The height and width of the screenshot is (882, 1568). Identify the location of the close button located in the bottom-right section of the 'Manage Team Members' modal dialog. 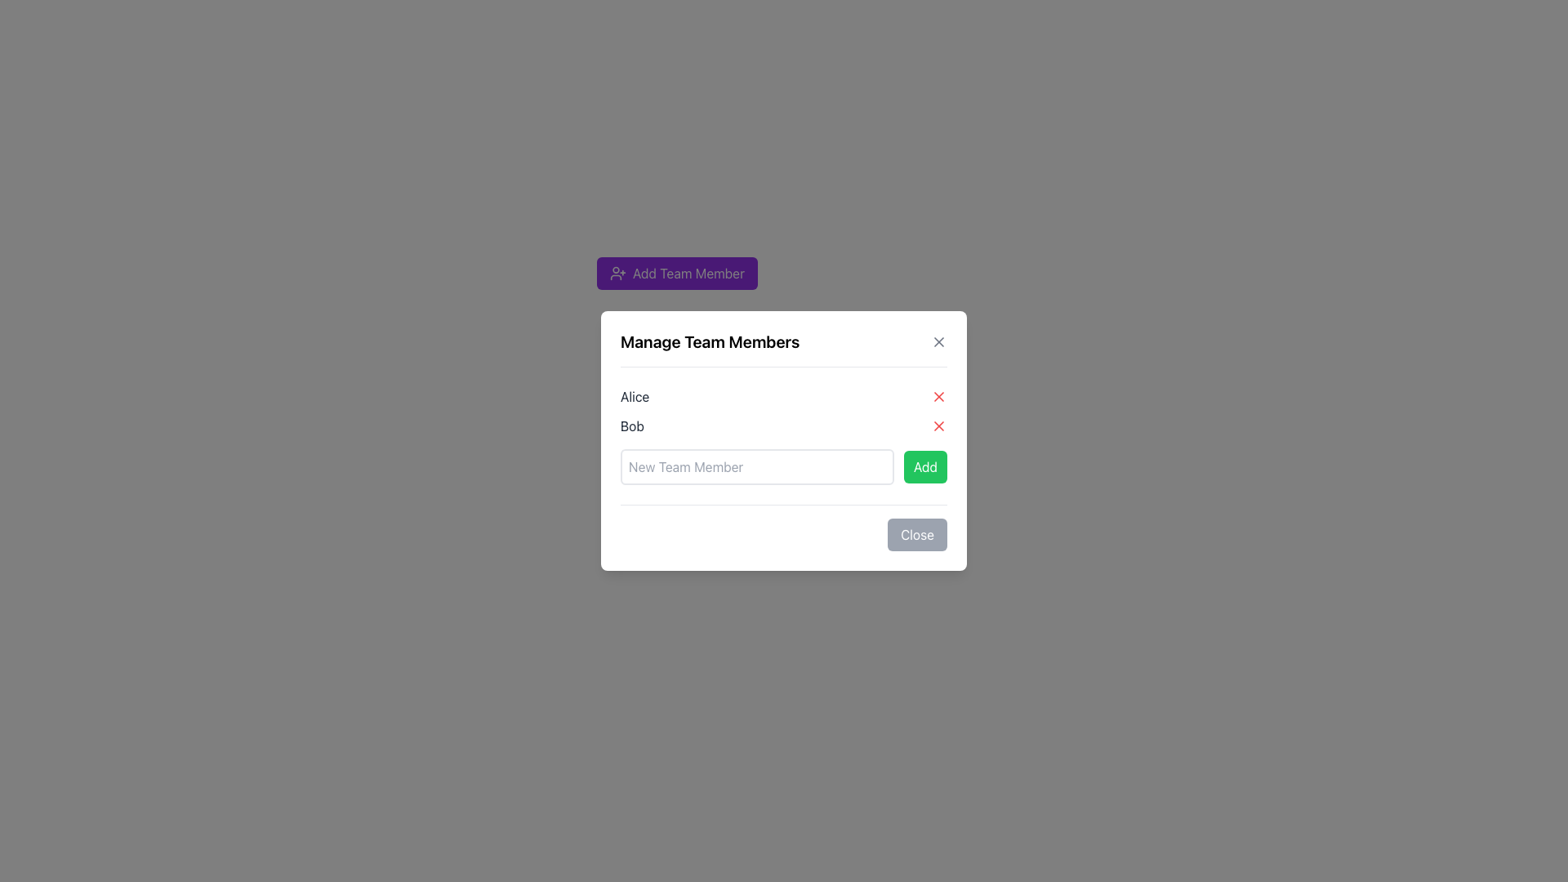
(917, 535).